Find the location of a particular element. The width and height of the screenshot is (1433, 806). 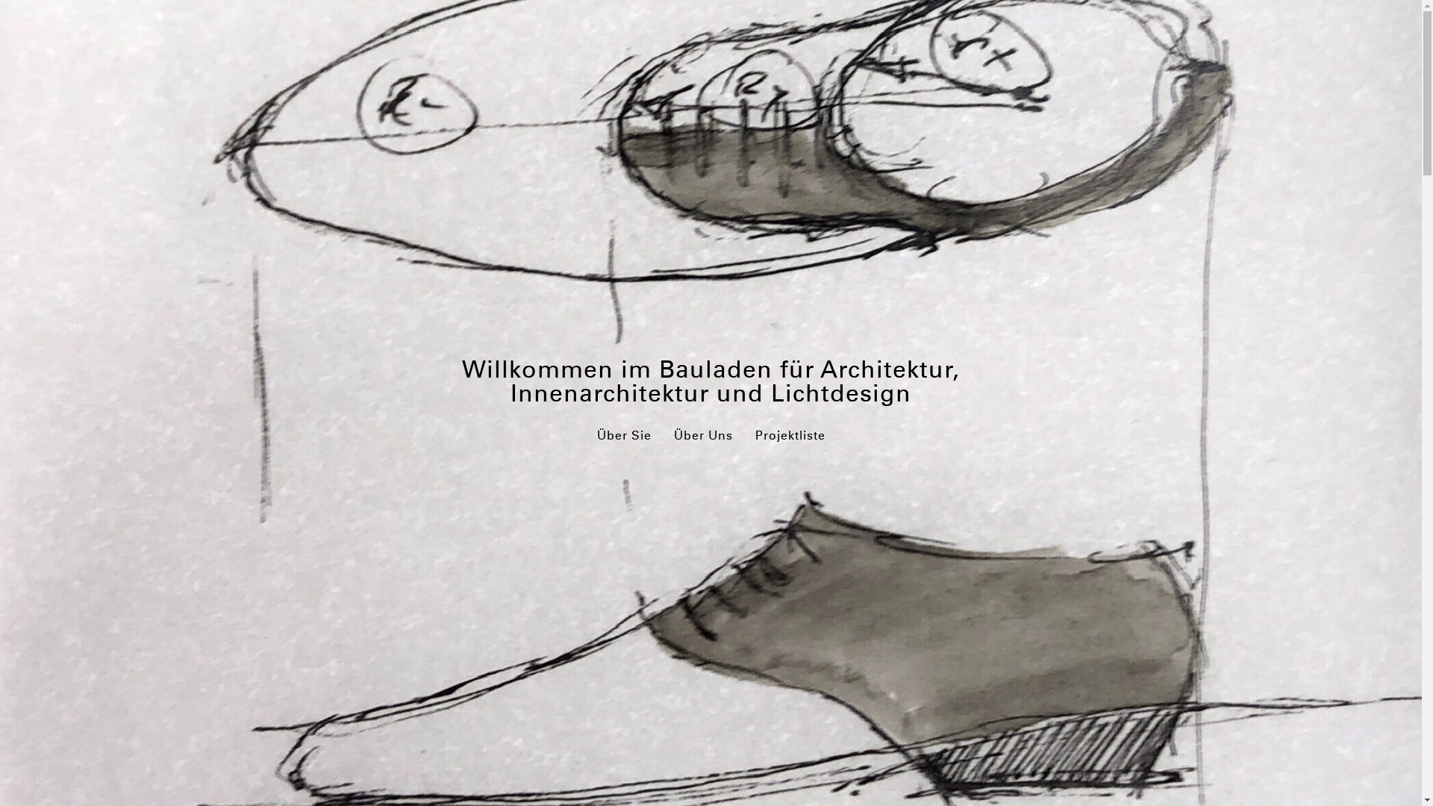

'Projektliste' is located at coordinates (790, 436).